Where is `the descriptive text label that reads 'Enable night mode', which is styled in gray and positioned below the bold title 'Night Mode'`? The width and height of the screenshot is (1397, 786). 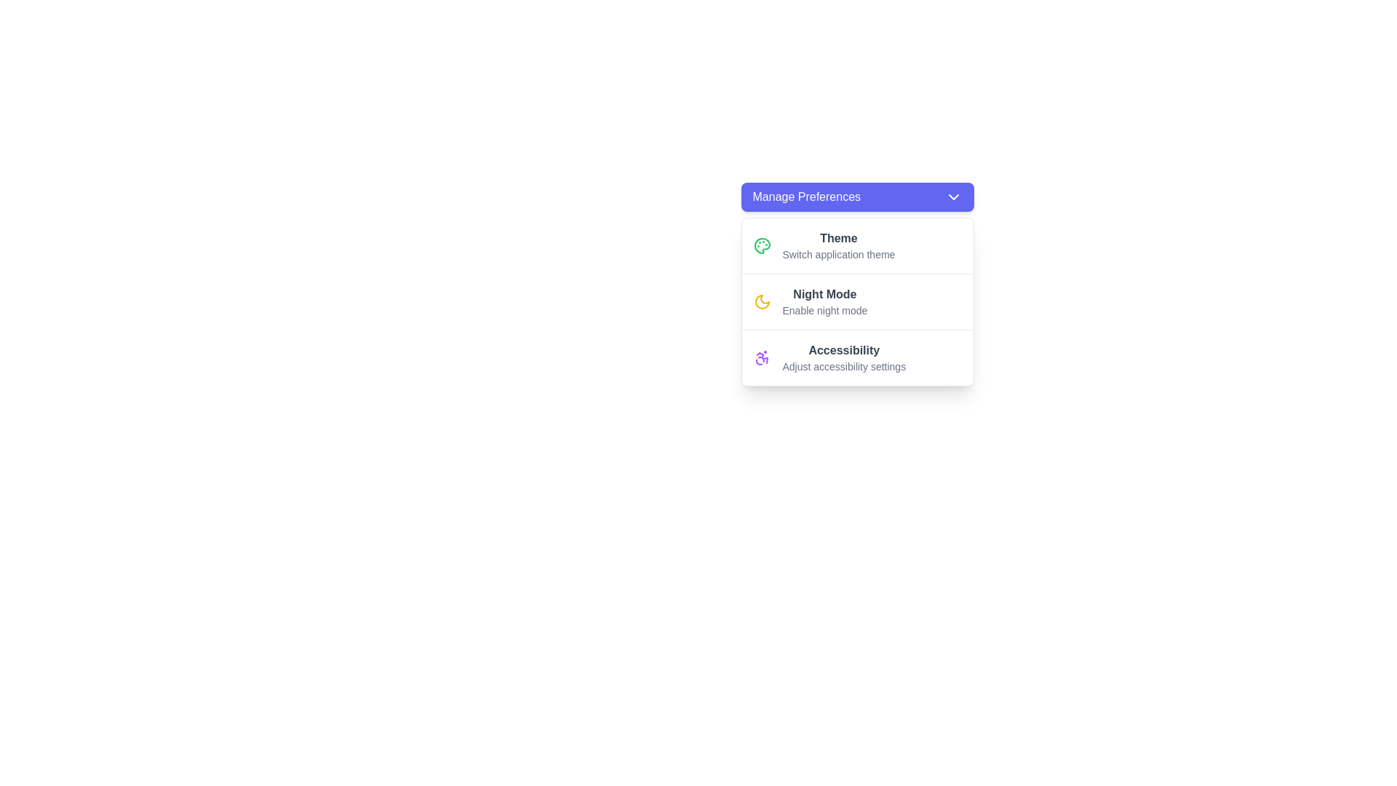 the descriptive text label that reads 'Enable night mode', which is styled in gray and positioned below the bold title 'Night Mode' is located at coordinates (824, 310).